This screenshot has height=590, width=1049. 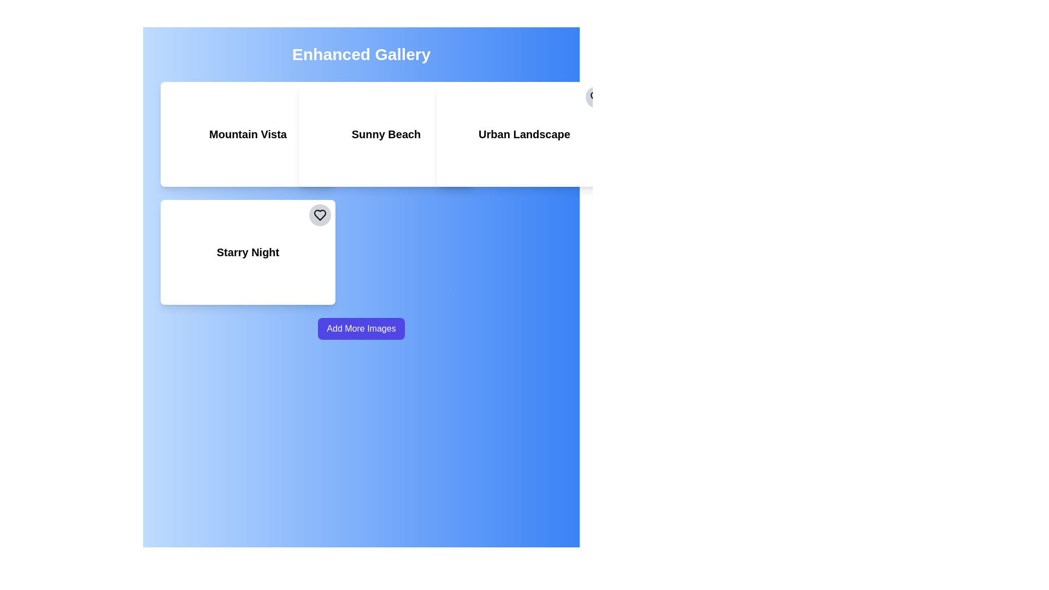 I want to click on the 'like' button located at the top right corner of the 'Urban Landscape' card, so click(x=596, y=96).